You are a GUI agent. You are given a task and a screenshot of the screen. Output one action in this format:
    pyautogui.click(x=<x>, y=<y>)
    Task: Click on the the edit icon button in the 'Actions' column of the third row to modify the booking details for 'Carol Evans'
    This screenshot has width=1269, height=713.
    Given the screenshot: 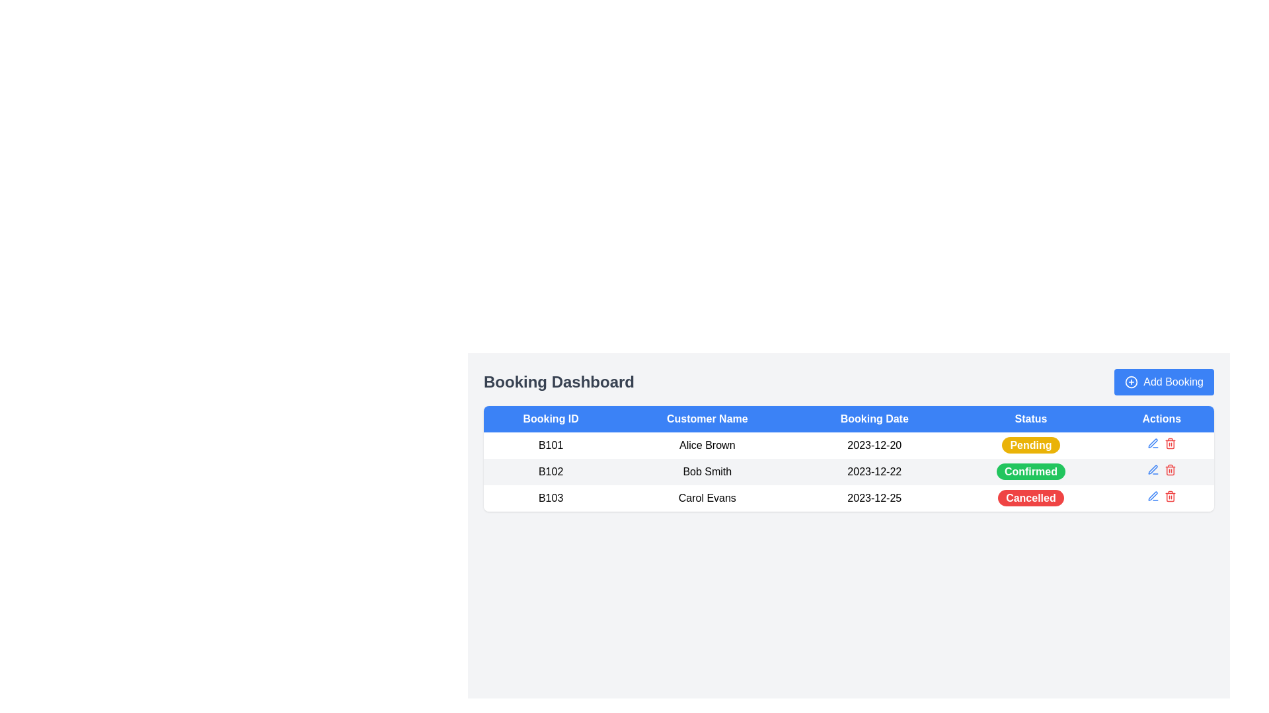 What is the action you would take?
    pyautogui.click(x=1152, y=496)
    